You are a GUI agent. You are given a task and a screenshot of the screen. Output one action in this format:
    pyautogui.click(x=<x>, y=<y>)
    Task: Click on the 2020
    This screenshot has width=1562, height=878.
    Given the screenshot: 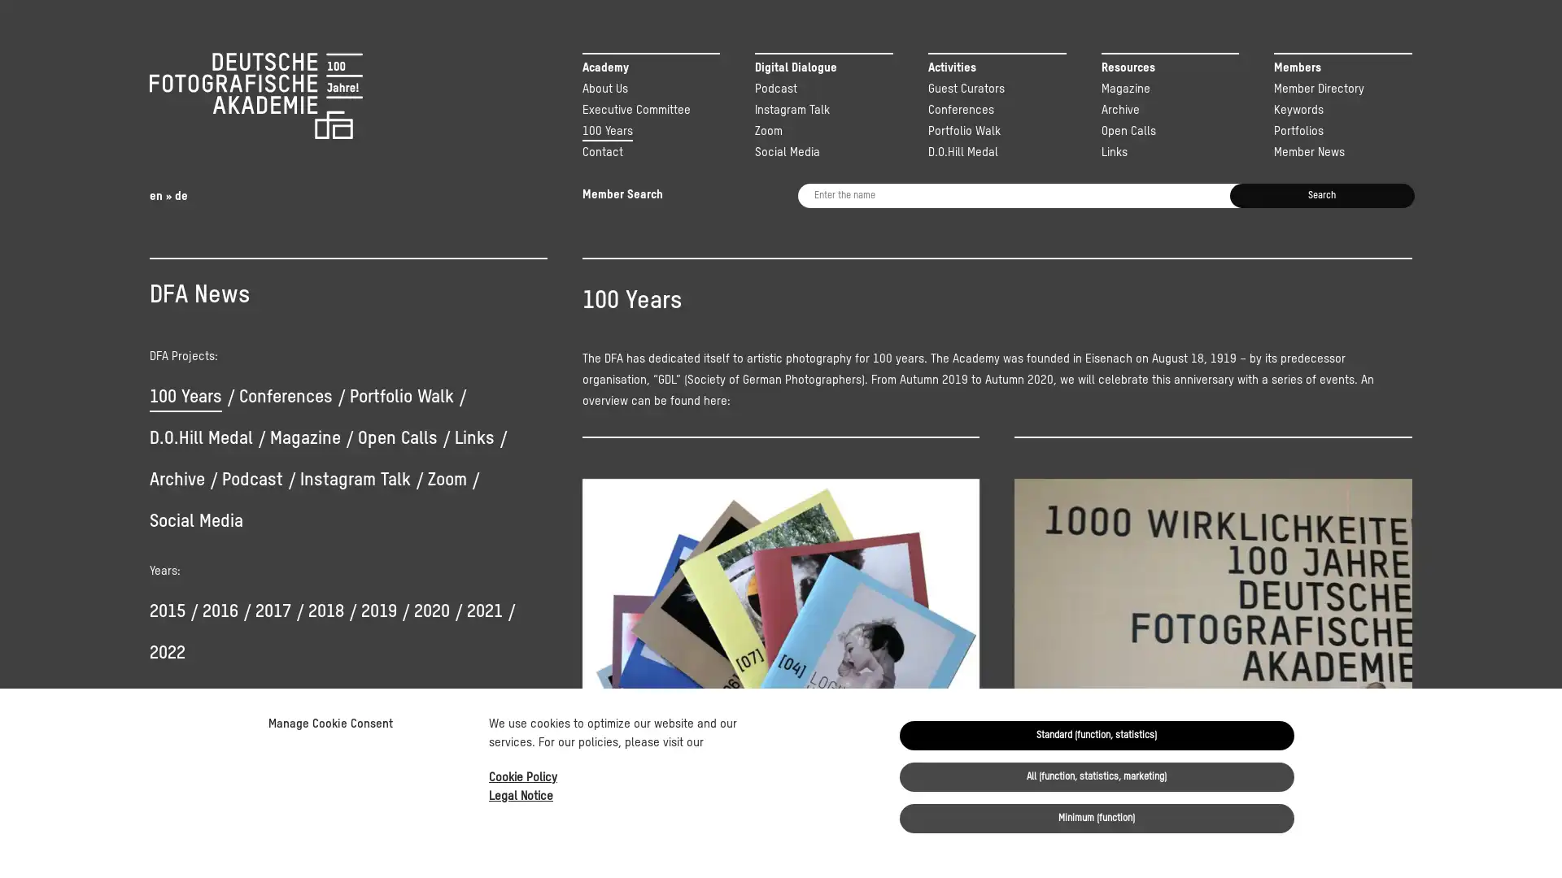 What is the action you would take?
    pyautogui.click(x=432, y=611)
    